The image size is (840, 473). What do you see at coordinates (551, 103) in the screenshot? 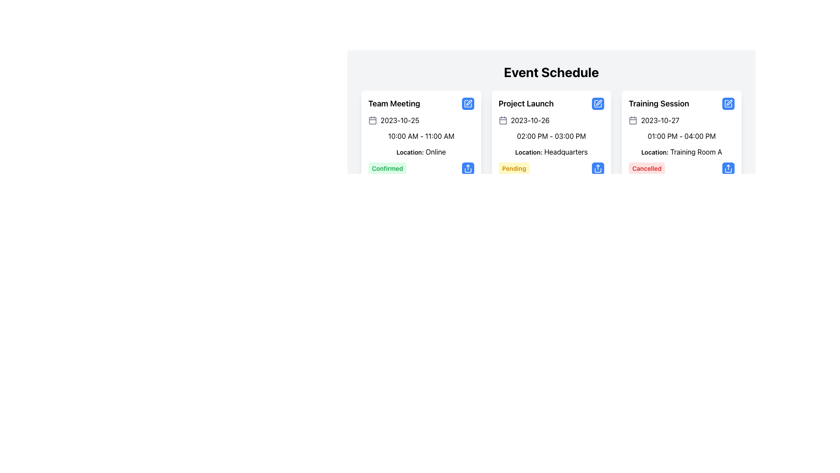
I see `the text label displaying 'Project Launch' at the top of the middle card in a row of three cards` at bounding box center [551, 103].